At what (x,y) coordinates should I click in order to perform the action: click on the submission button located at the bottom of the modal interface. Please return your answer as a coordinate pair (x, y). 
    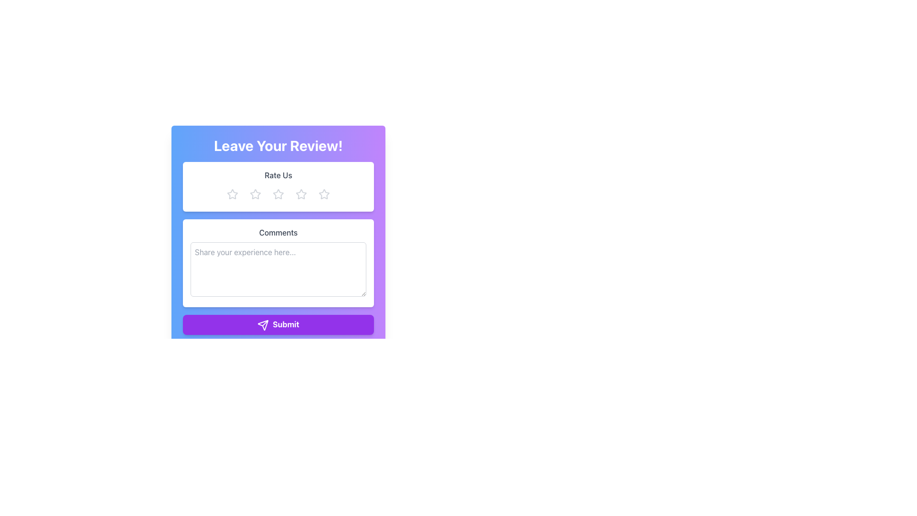
    Looking at the image, I should click on (277, 323).